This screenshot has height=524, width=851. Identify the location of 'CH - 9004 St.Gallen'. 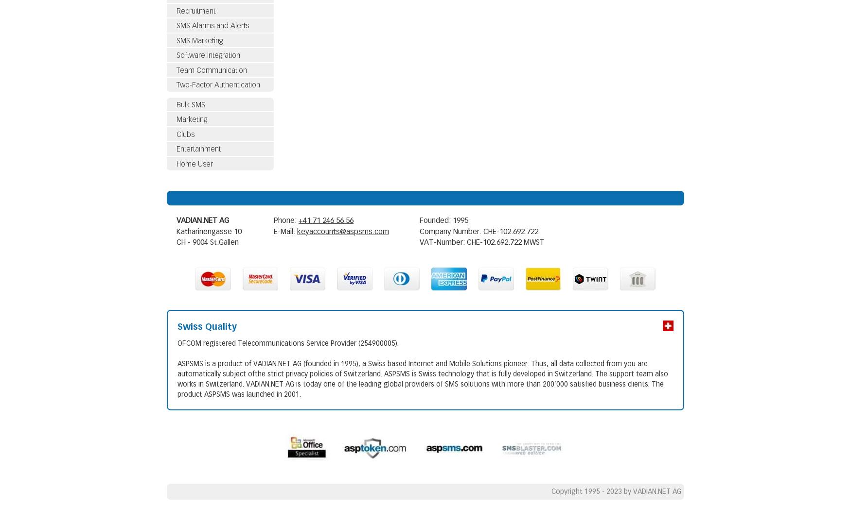
(176, 242).